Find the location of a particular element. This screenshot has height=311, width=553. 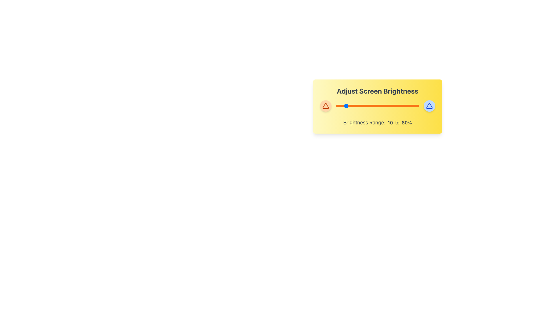

brightness is located at coordinates (341, 106).